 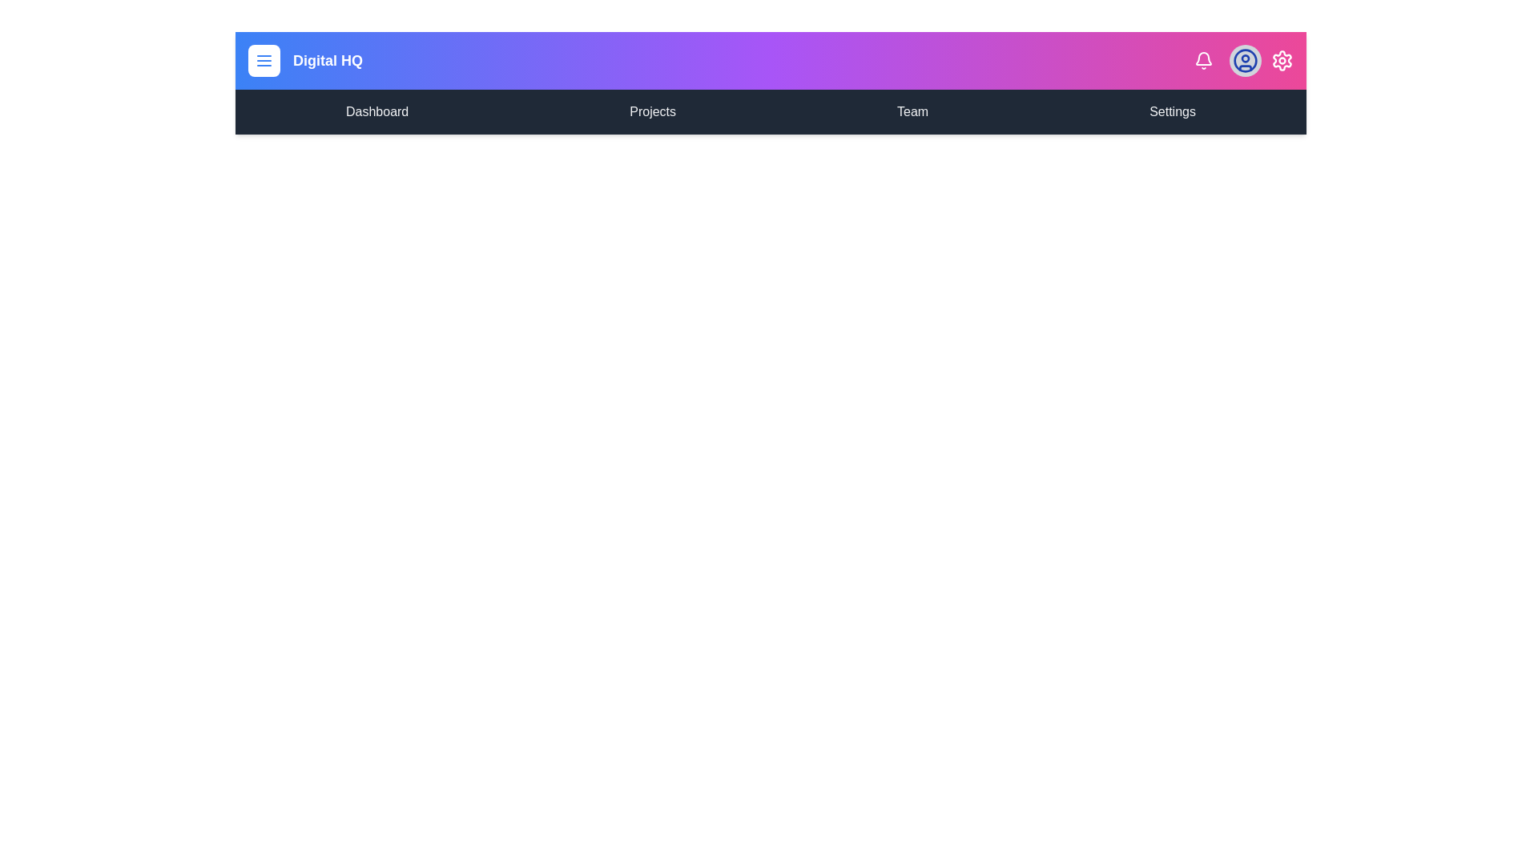 I want to click on the menu item labeled Settings in the navigation bar, so click(x=1173, y=111).